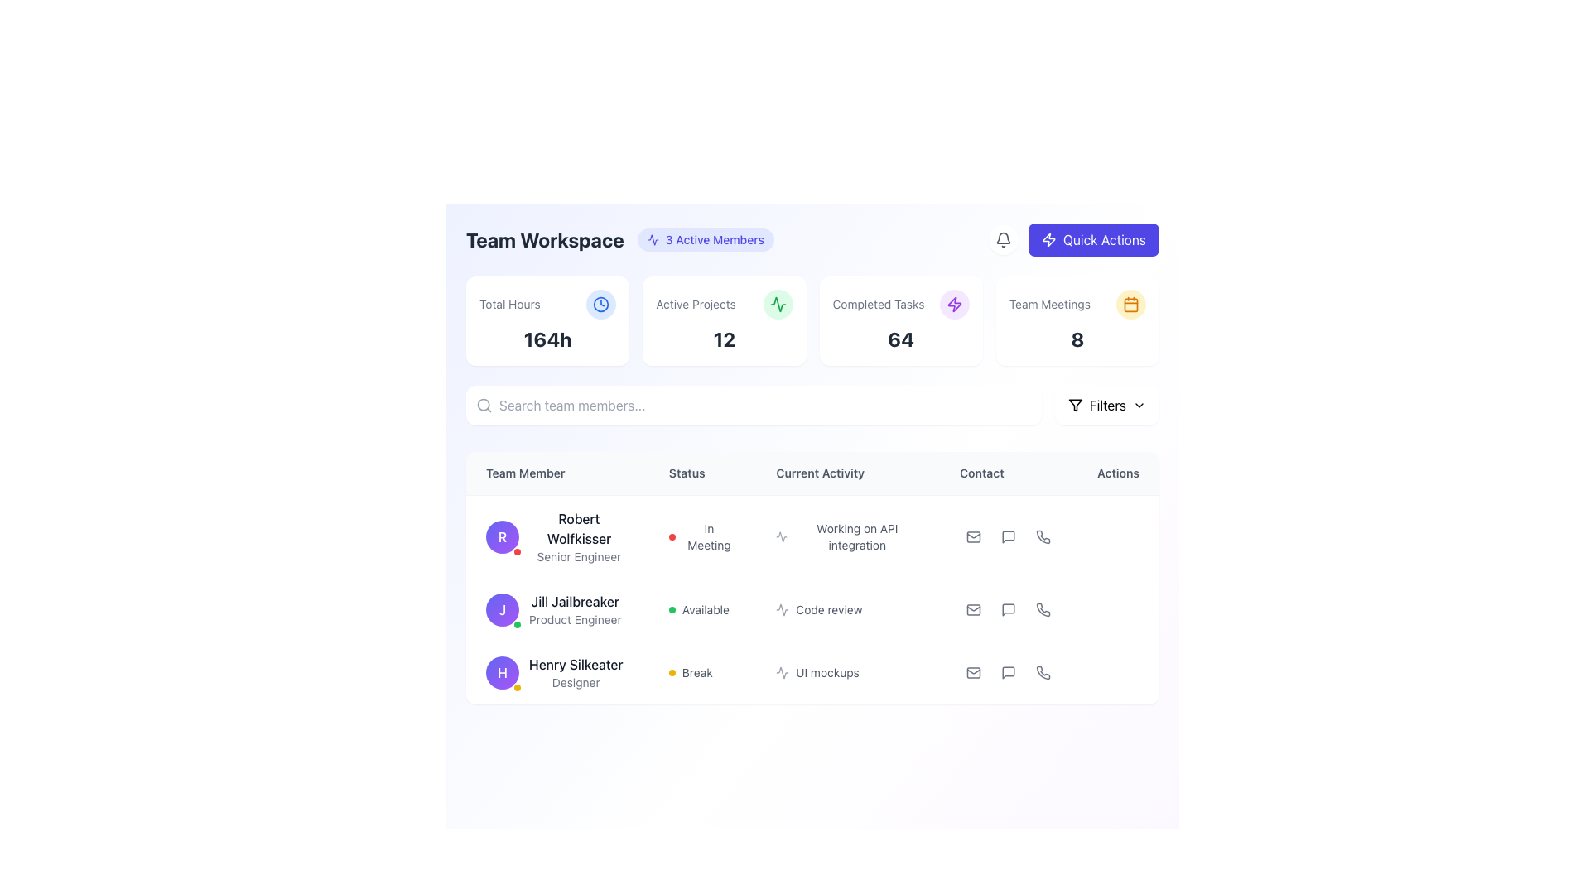 Image resolution: width=1590 pixels, height=894 pixels. Describe the element at coordinates (1043, 609) in the screenshot. I see `the phone icon in the 'Actions' column of the second row associated with user 'Jill Jailbreaker' to gain additional information` at that location.